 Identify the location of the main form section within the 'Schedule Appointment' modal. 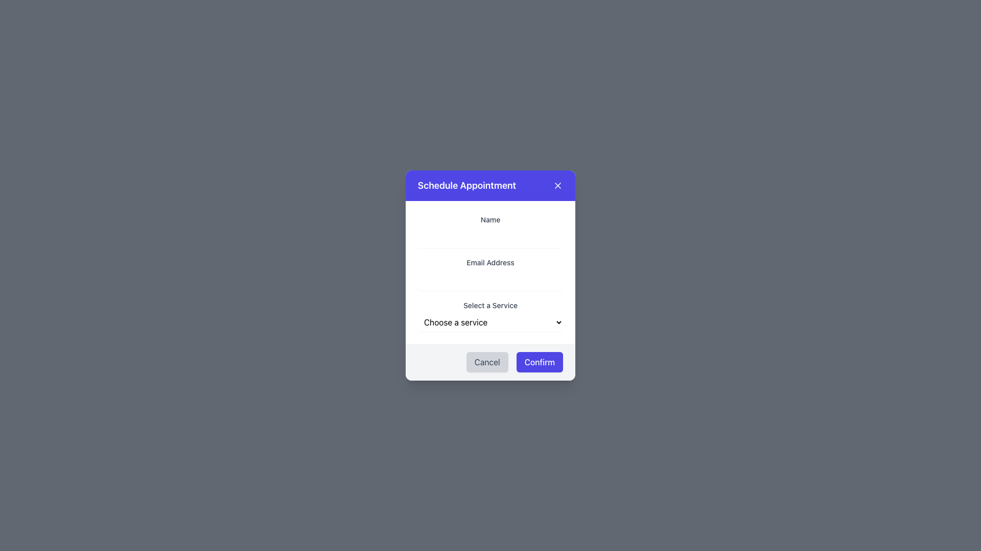
(491, 271).